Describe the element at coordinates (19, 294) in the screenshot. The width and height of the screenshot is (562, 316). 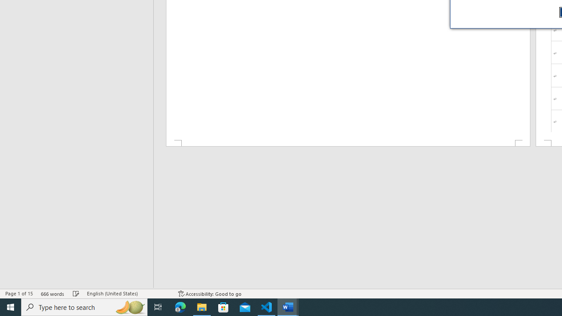
I see `'Page Number Page 1 of 15'` at that location.